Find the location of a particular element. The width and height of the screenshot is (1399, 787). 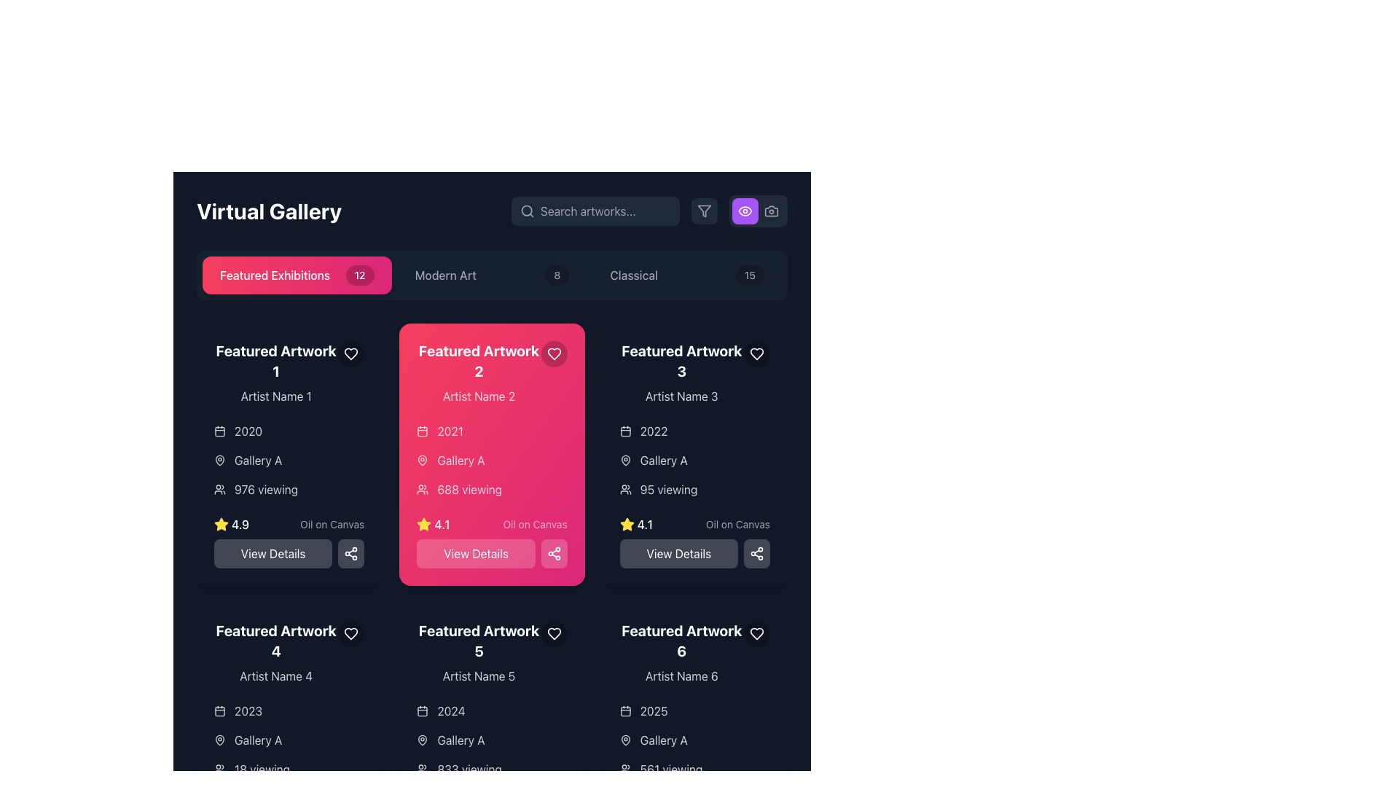

the view count label located within the second featured artwork card, positioned below the 'Gallery A' label and above the rating score and 'View Details' button is located at coordinates (492, 489).